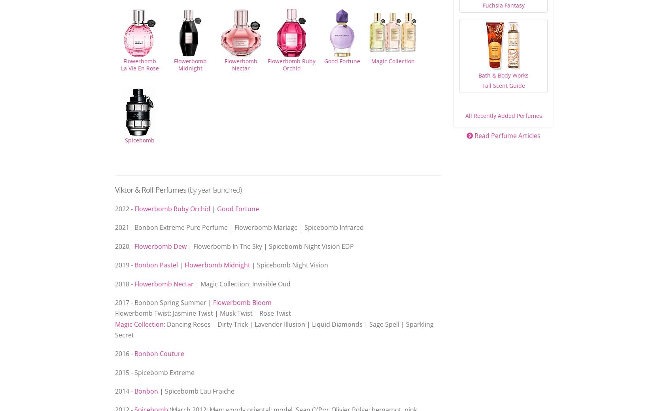 The height and width of the screenshot is (411, 669). I want to click on '| Spicebomb Night Vision', so click(289, 265).